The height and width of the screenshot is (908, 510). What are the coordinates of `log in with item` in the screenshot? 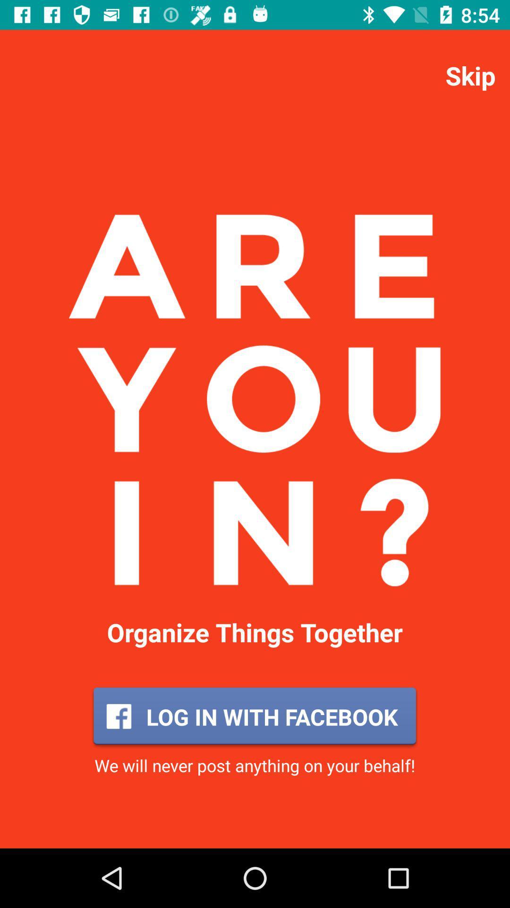 It's located at (254, 716).